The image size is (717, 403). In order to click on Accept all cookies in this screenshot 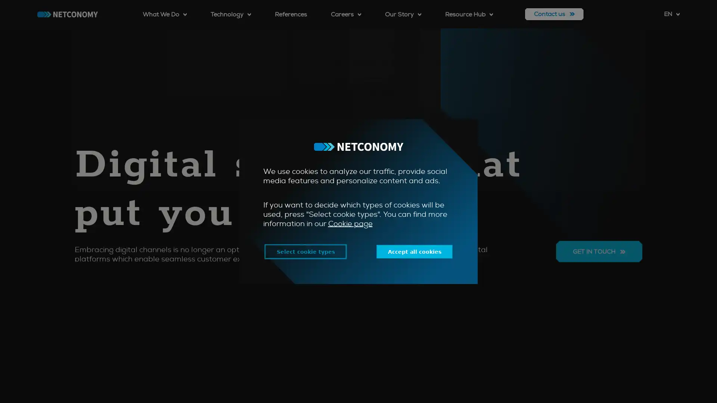, I will do `click(419, 252)`.